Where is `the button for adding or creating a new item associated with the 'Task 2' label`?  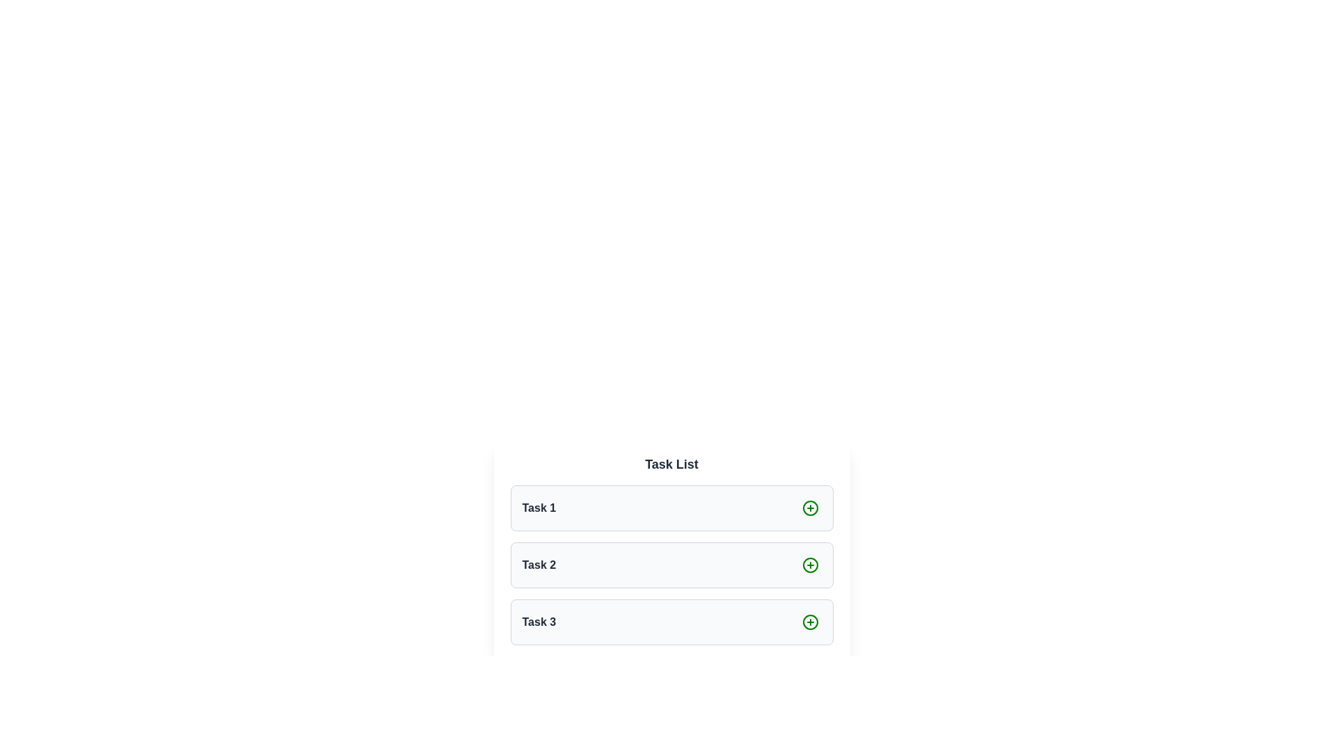
the button for adding or creating a new item associated with the 'Task 2' label is located at coordinates (810, 565).